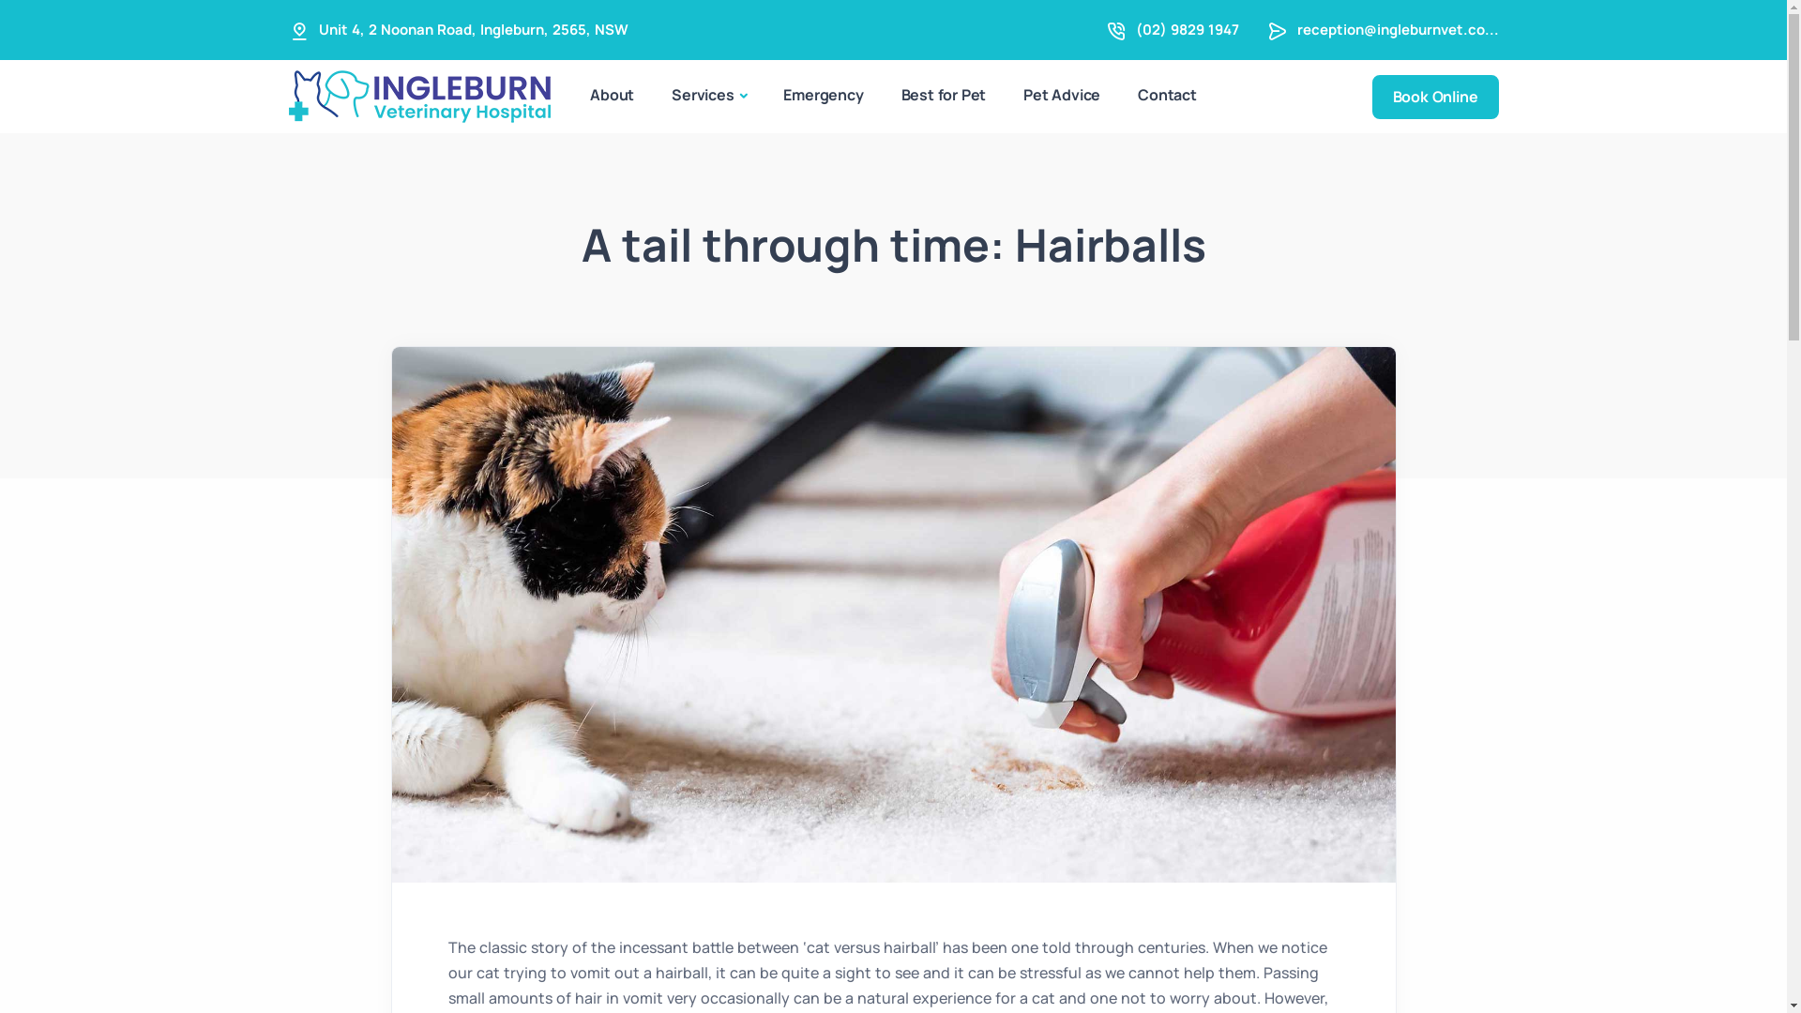 Image resolution: width=1801 pixels, height=1013 pixels. I want to click on 'reception@ingleburnvet.co...', so click(1397, 29).